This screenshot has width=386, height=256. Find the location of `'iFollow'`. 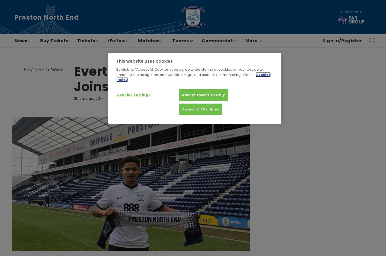

'iFollow' is located at coordinates (117, 41).